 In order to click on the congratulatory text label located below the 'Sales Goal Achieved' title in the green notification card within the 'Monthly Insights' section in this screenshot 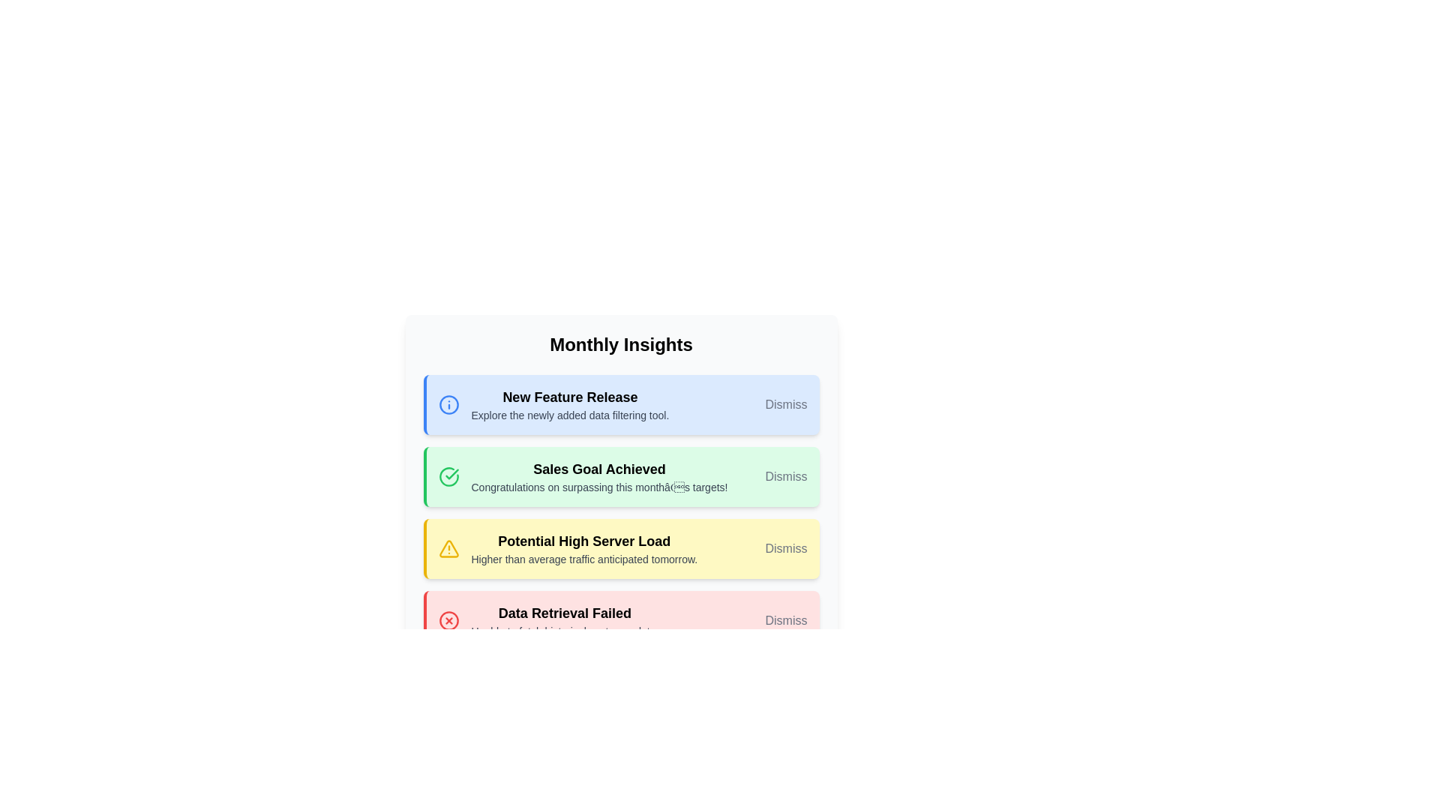, I will do `click(598, 487)`.